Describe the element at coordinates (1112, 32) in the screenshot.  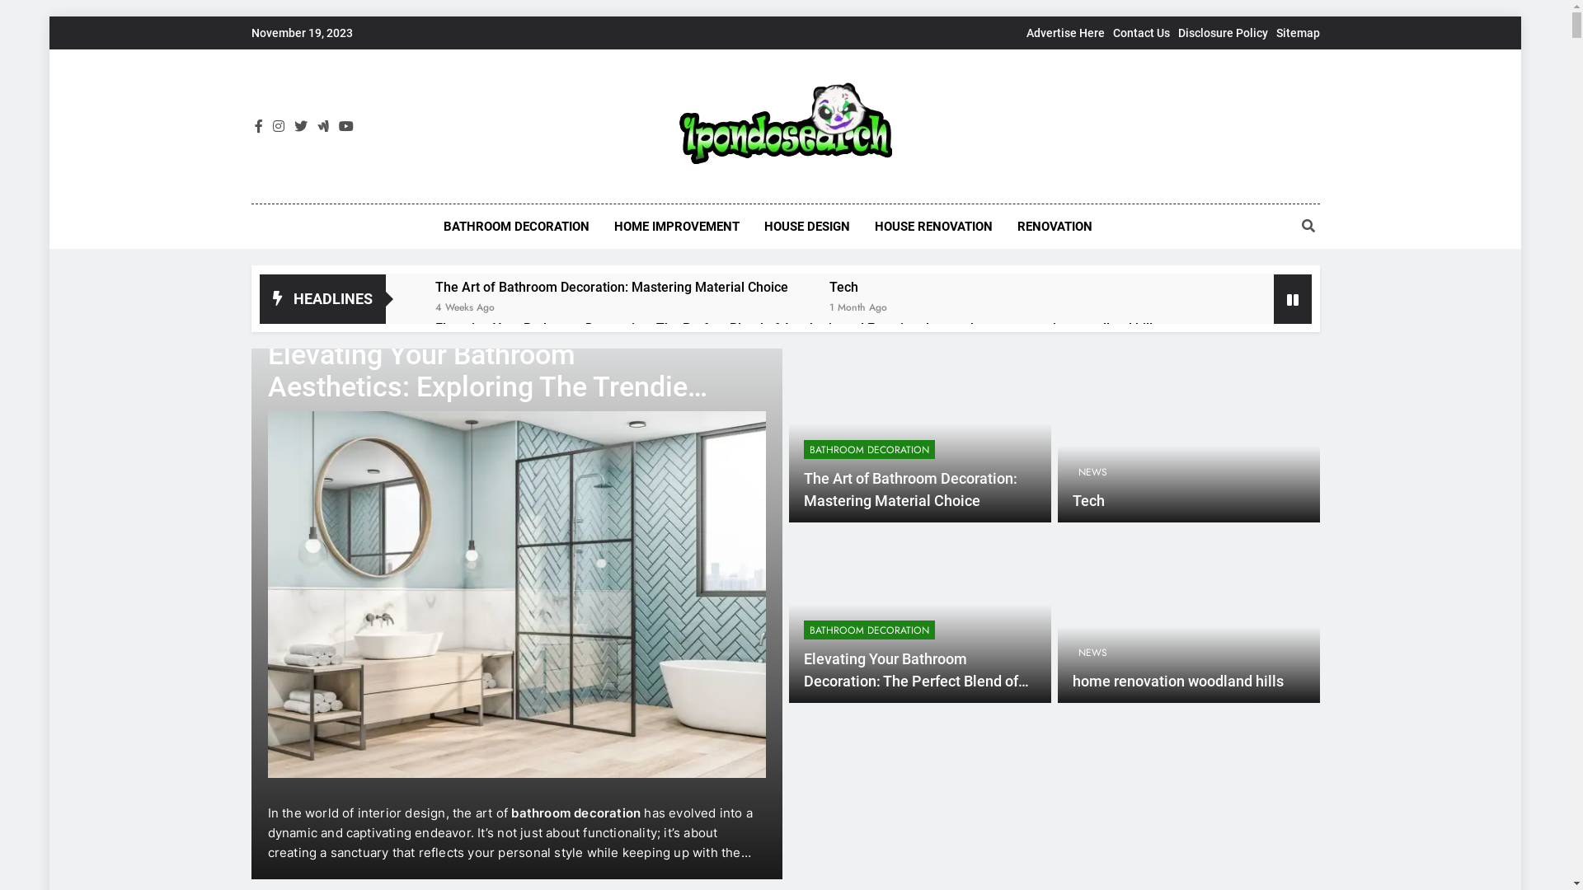
I see `'Contact Us'` at that location.